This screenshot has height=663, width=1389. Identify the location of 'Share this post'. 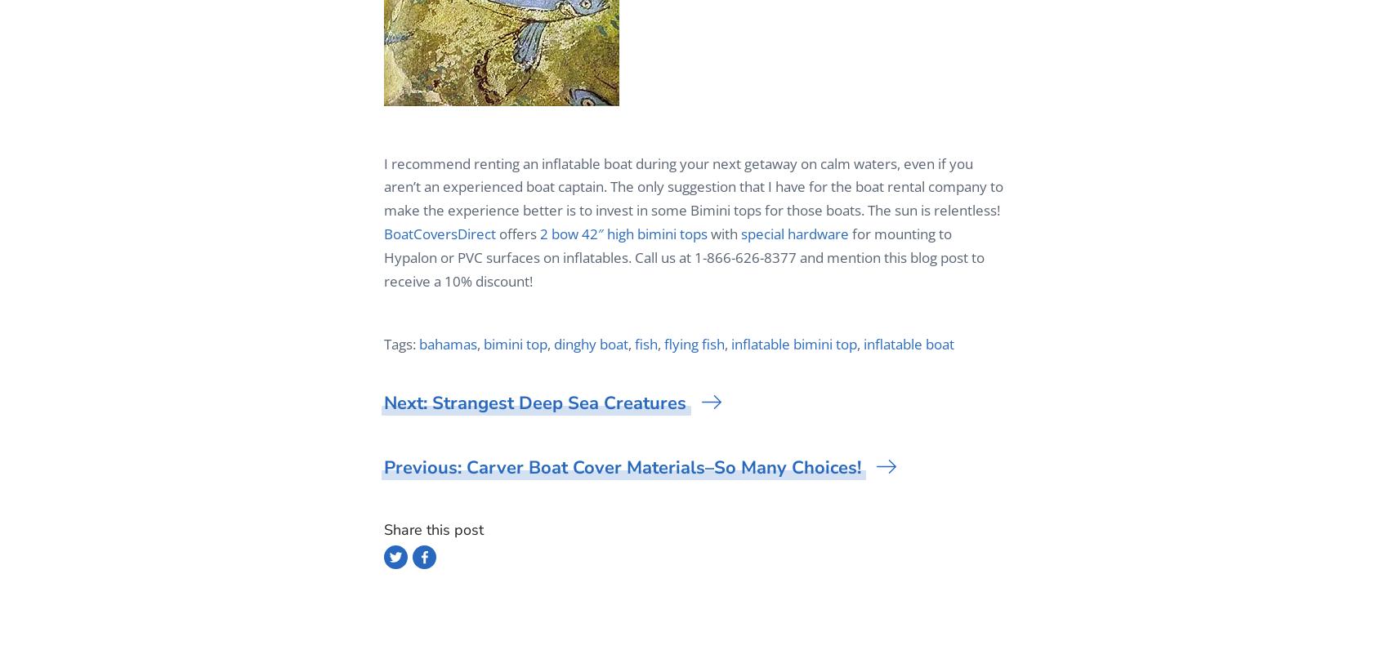
(434, 530).